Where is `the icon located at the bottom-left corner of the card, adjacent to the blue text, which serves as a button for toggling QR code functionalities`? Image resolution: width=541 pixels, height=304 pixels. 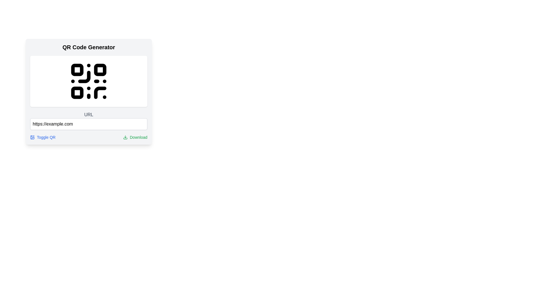
the icon located at the bottom-left corner of the card, adjacent to the blue text, which serves as a button for toggling QR code functionalities is located at coordinates (32, 137).